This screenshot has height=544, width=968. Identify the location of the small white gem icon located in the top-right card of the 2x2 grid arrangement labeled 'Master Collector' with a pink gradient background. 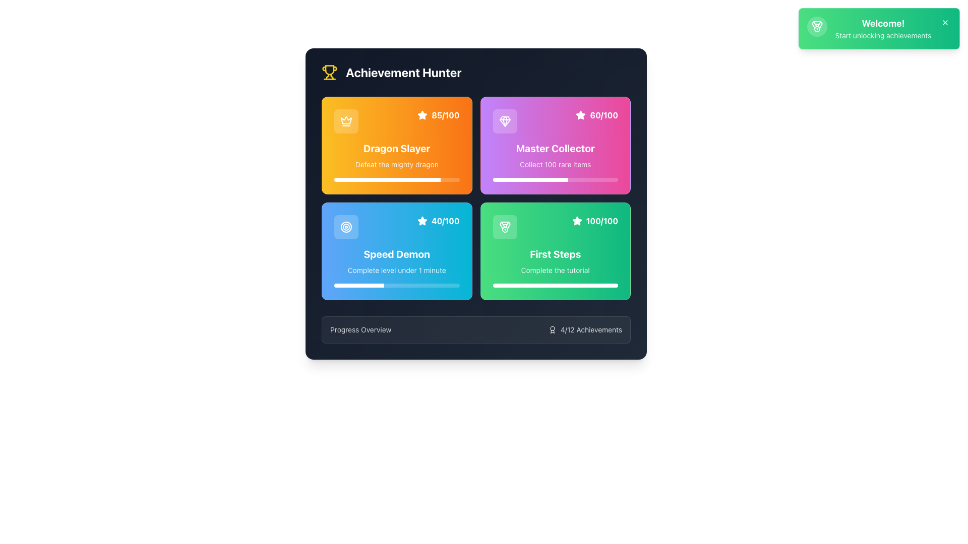
(505, 120).